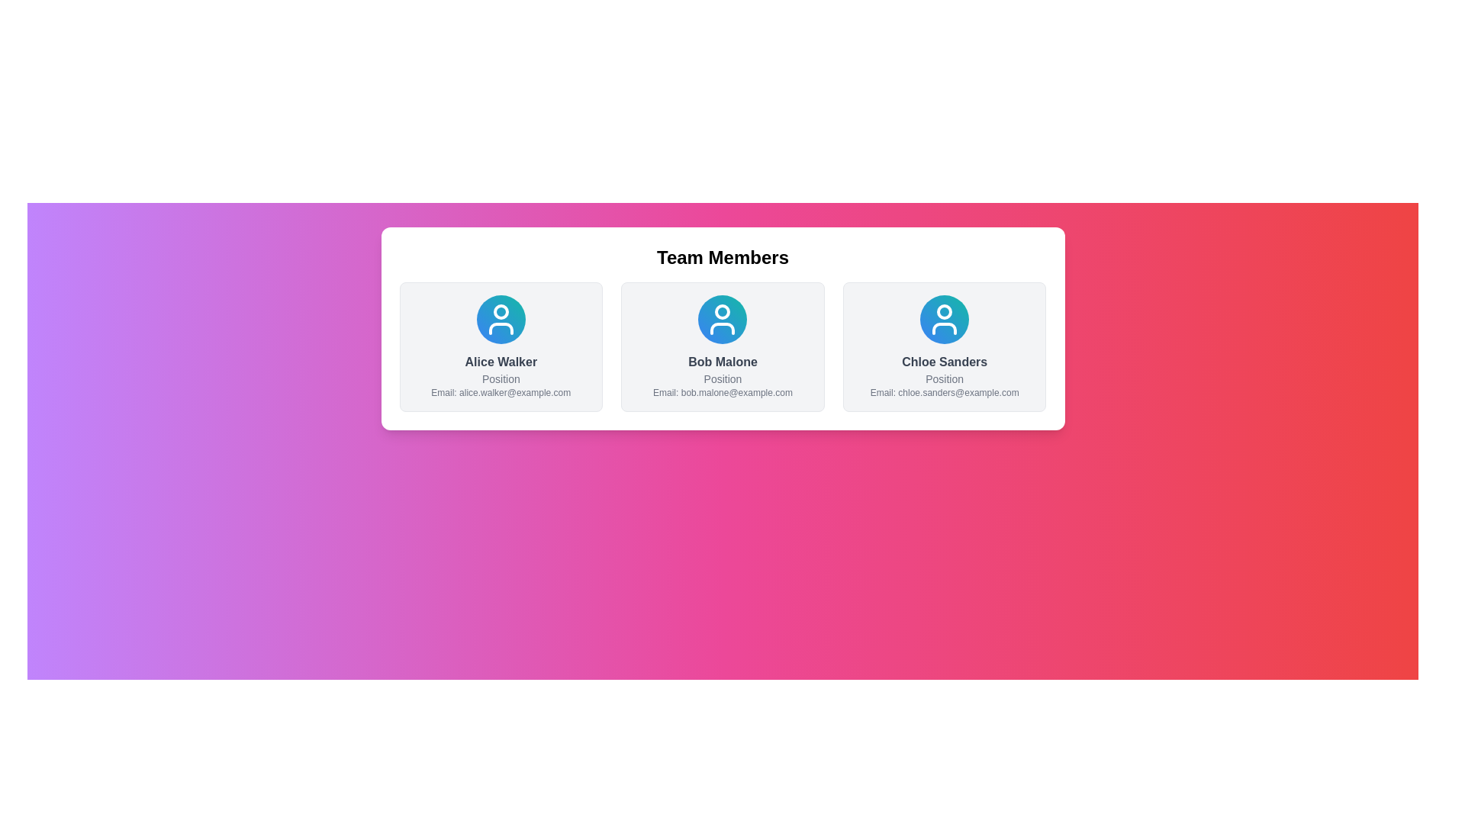 This screenshot has width=1465, height=824. What do you see at coordinates (722, 347) in the screenshot?
I see `the Profile Card displaying Bob Malone's name, position, and email address, located in the center of the Team Members section` at bounding box center [722, 347].